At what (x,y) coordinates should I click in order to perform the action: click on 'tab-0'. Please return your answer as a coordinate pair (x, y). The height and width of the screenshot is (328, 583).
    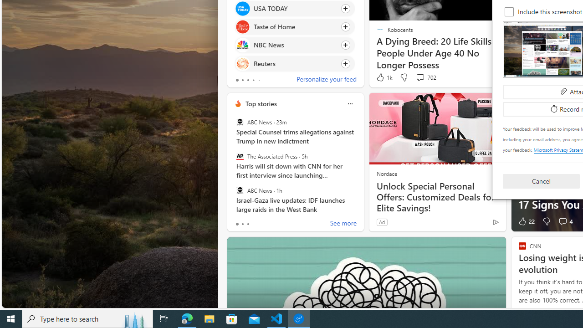
    Looking at the image, I should click on (237, 224).